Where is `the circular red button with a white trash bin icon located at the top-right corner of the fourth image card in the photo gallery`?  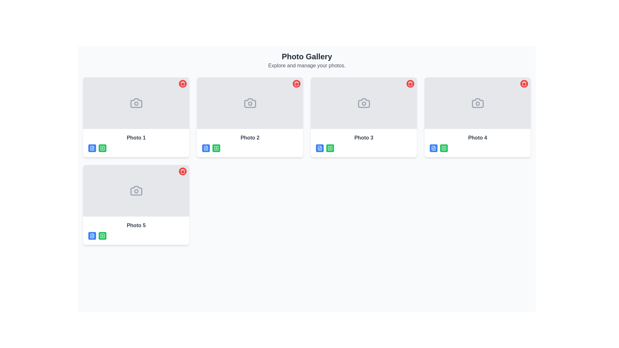
the circular red button with a white trash bin icon located at the top-right corner of the fourth image card in the photo gallery is located at coordinates (524, 83).